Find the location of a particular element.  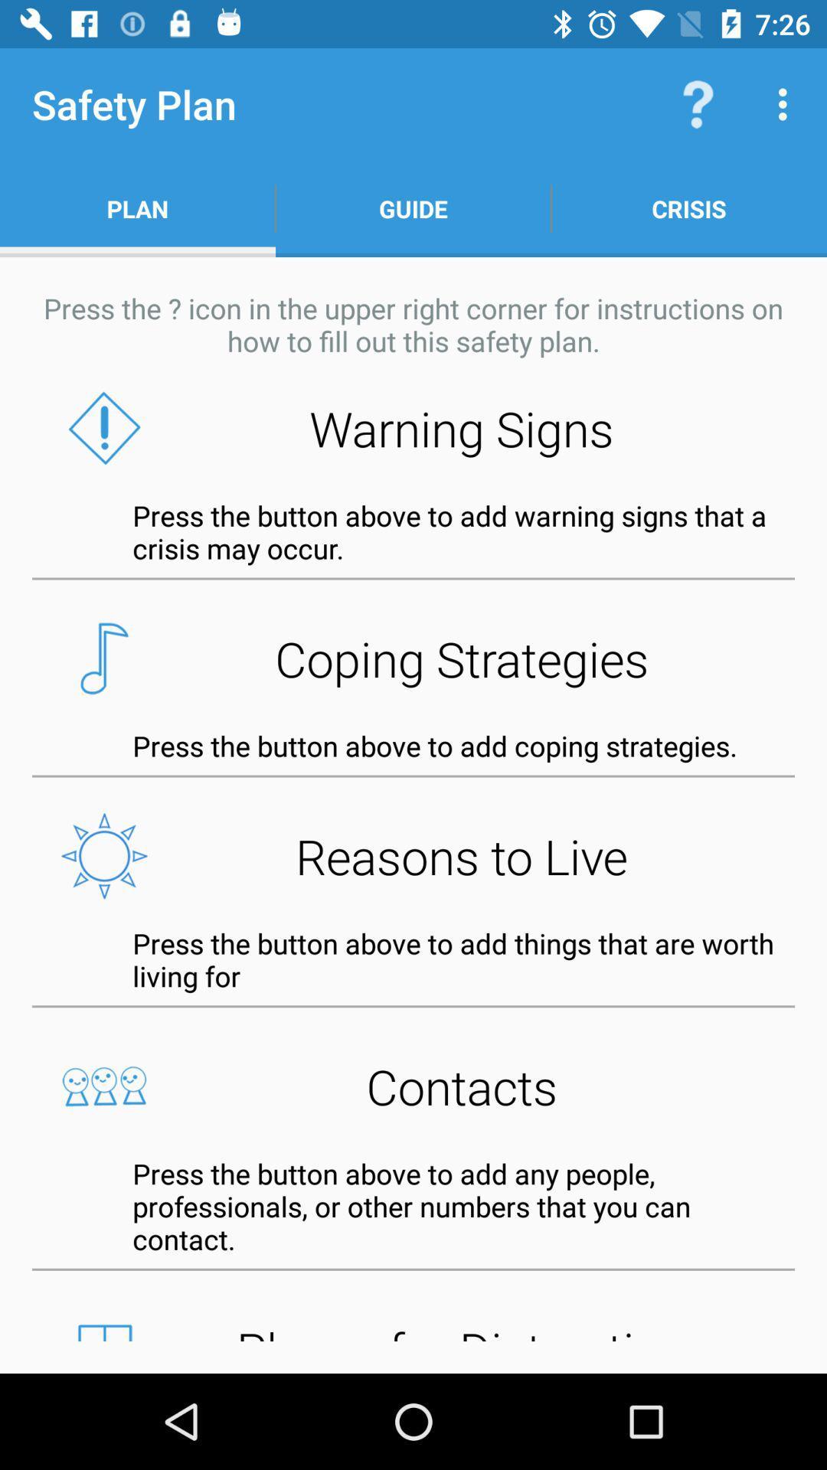

icon above crisis icon is located at coordinates (786, 103).